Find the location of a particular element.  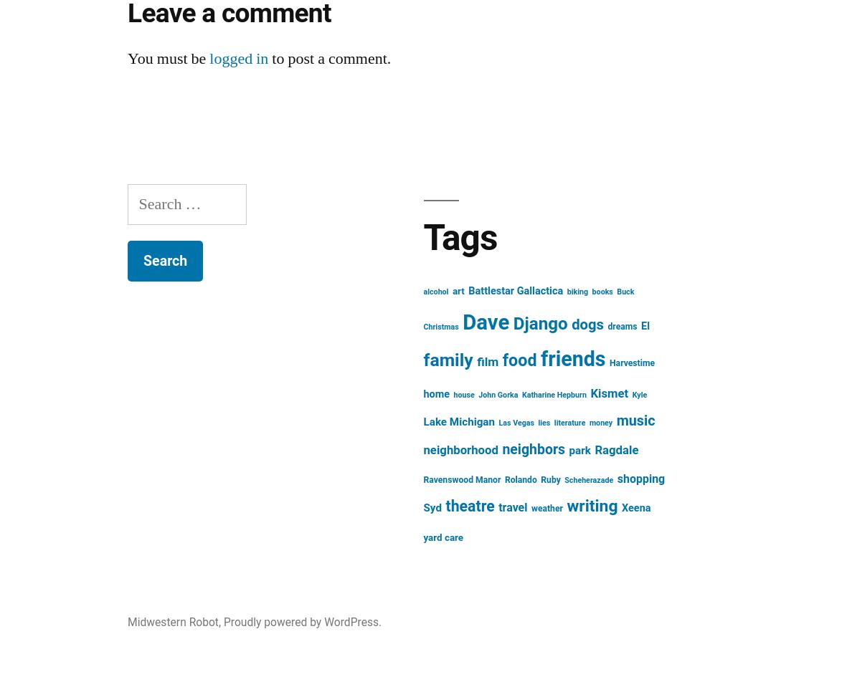

'writing' is located at coordinates (591, 506).